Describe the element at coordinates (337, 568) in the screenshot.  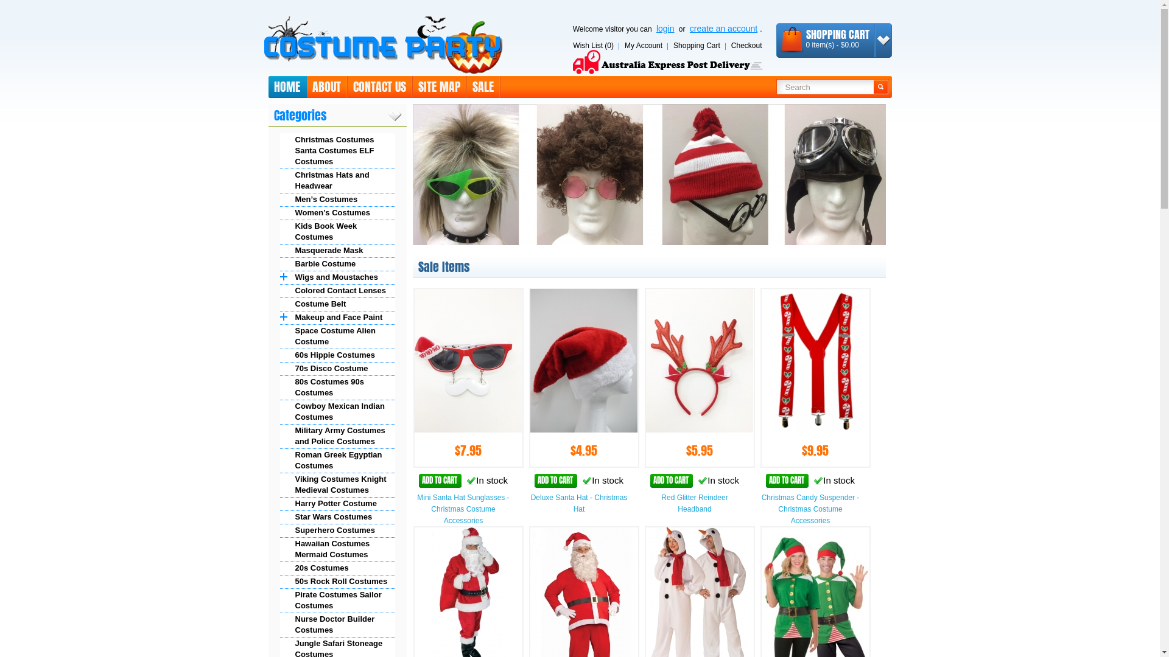
I see `'20s Costumes'` at that location.